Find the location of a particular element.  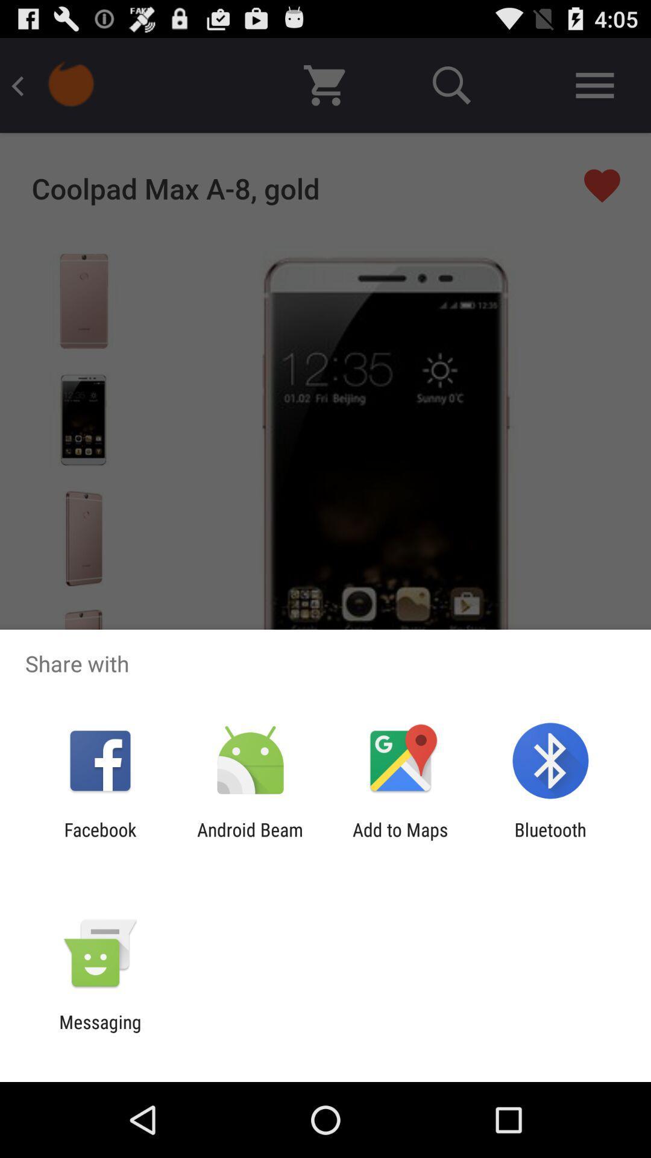

the icon to the left of android beam is located at coordinates (99, 840).